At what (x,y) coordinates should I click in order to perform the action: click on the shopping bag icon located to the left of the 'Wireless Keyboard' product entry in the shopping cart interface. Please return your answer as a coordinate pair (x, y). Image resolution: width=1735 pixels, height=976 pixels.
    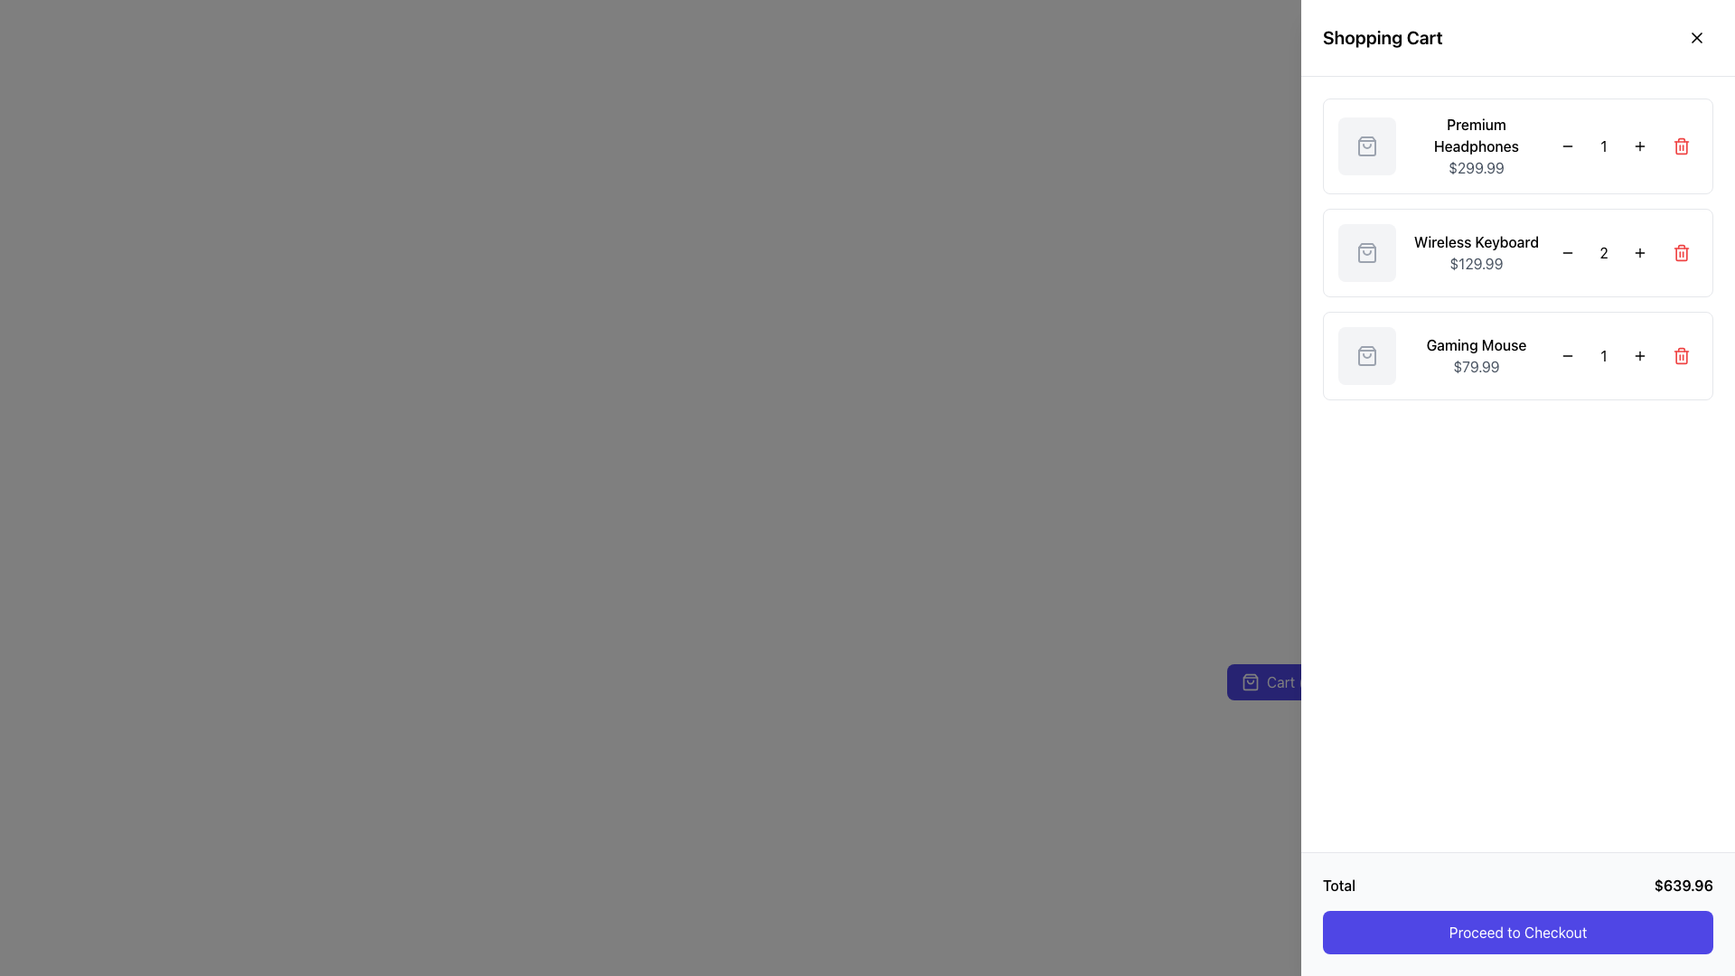
    Looking at the image, I should click on (1366, 253).